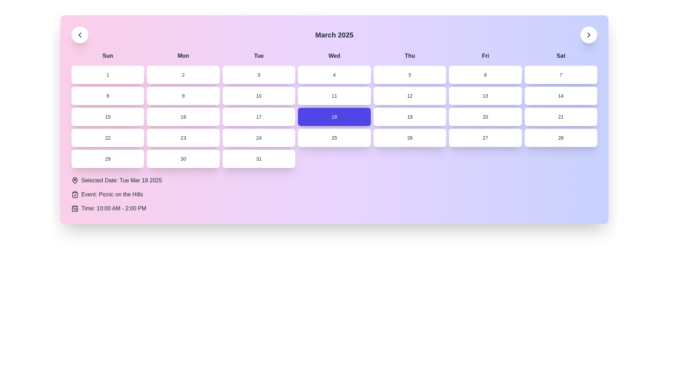 The height and width of the screenshot is (378, 673). I want to click on the static label displaying 'Thu' in bold, black lettering, which is the fifth item in a row of weekday abbreviations above a calendar grid, so click(410, 55).